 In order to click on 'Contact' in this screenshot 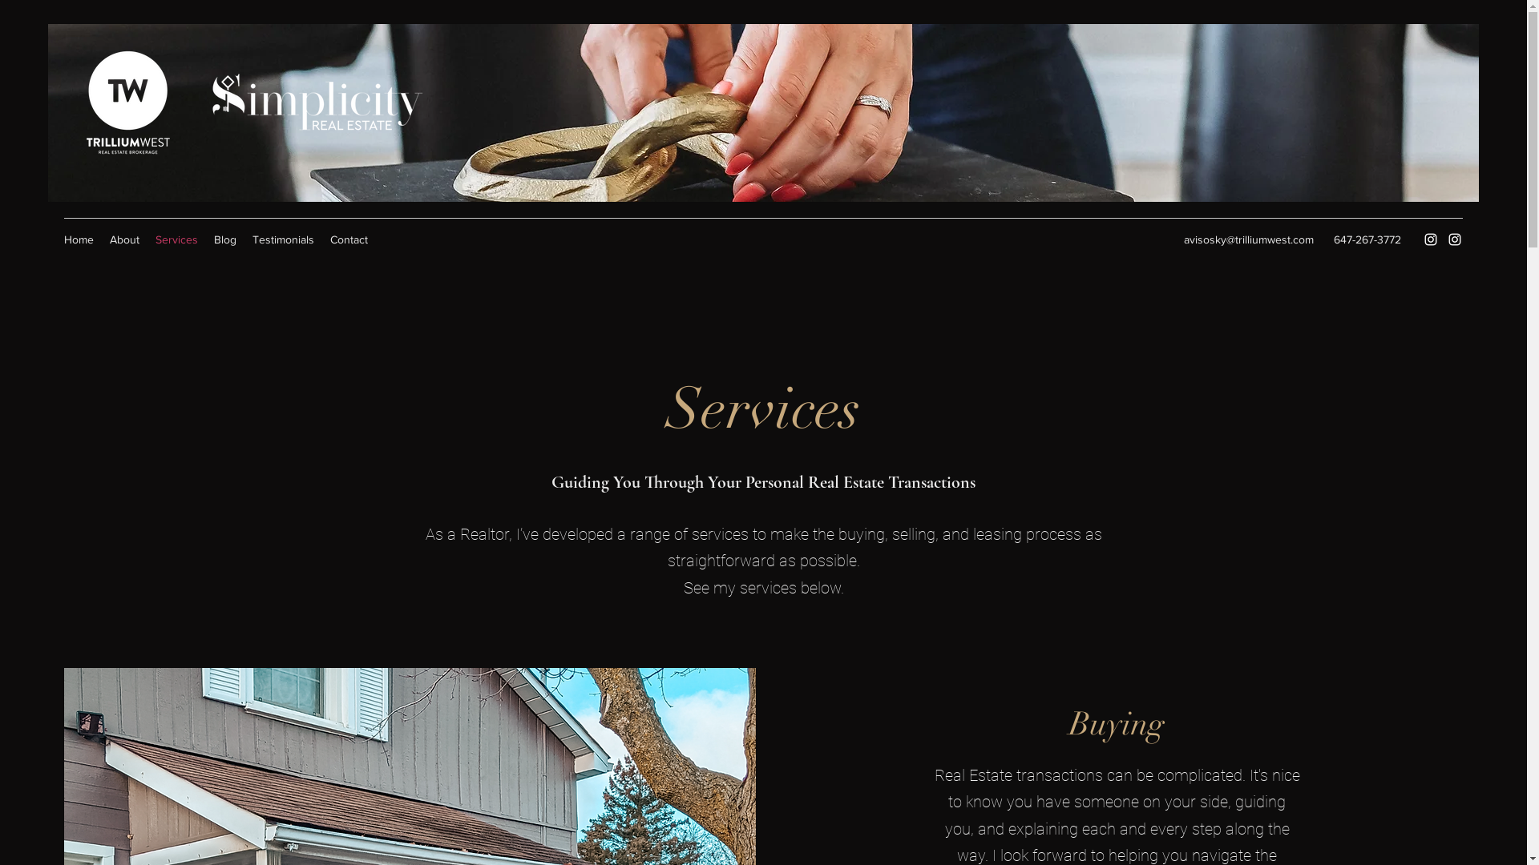, I will do `click(348, 239)`.